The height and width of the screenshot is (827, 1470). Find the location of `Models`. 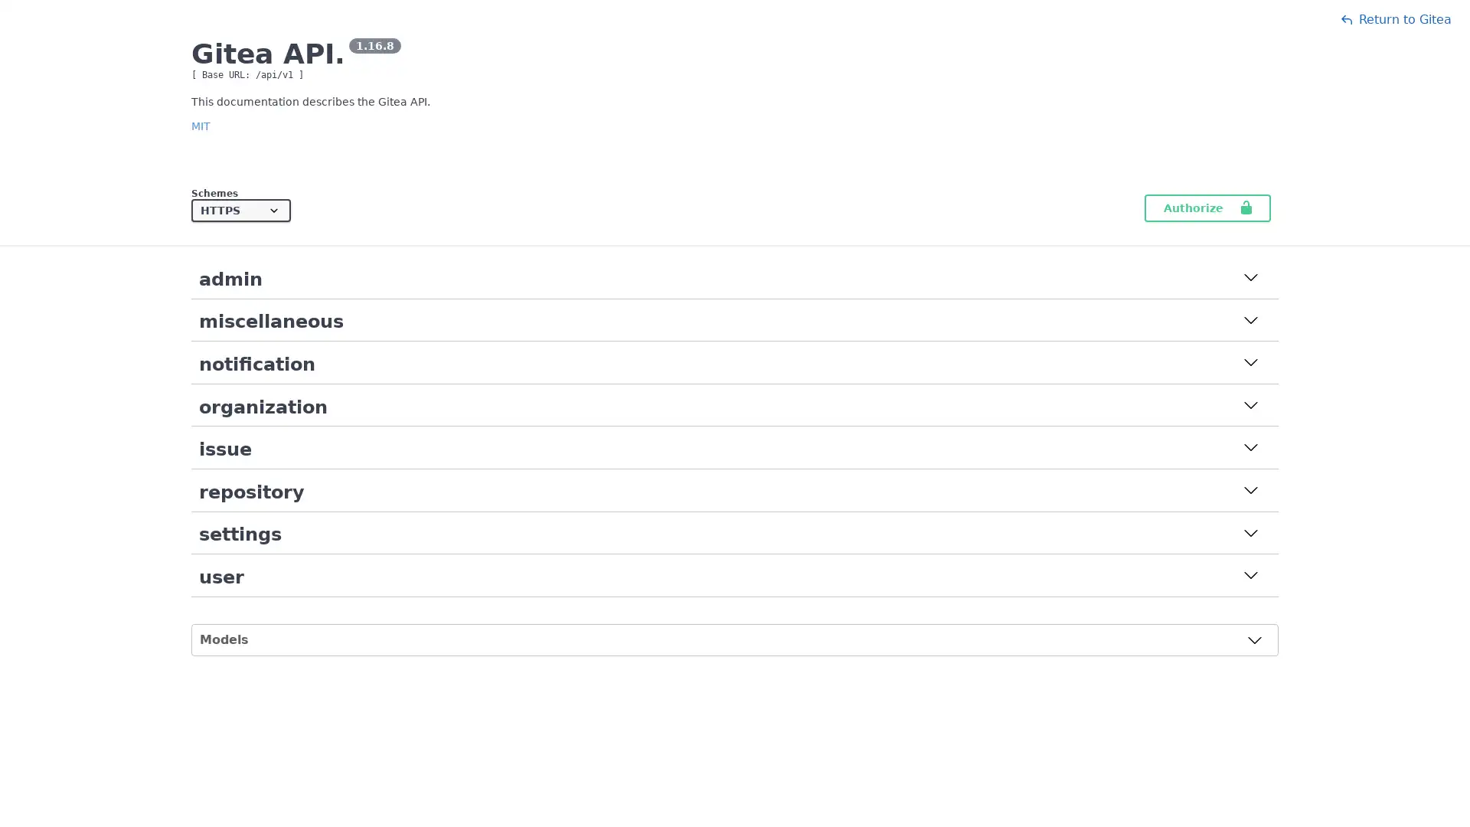

Models is located at coordinates (730, 639).